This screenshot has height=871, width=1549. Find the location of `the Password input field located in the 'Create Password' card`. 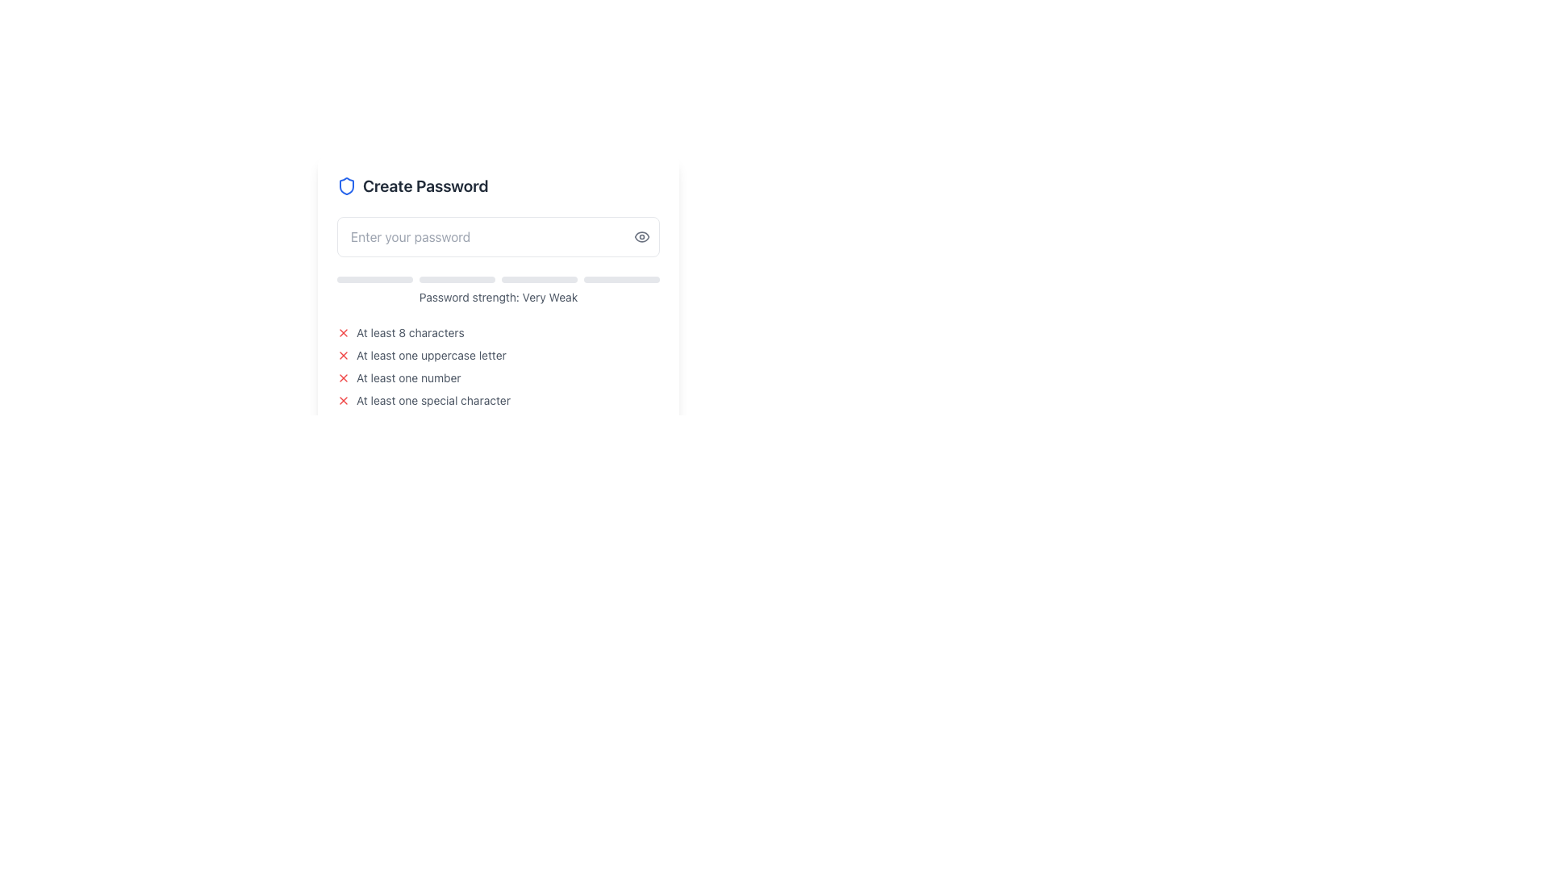

the Password input field located in the 'Create Password' card is located at coordinates (498, 236).